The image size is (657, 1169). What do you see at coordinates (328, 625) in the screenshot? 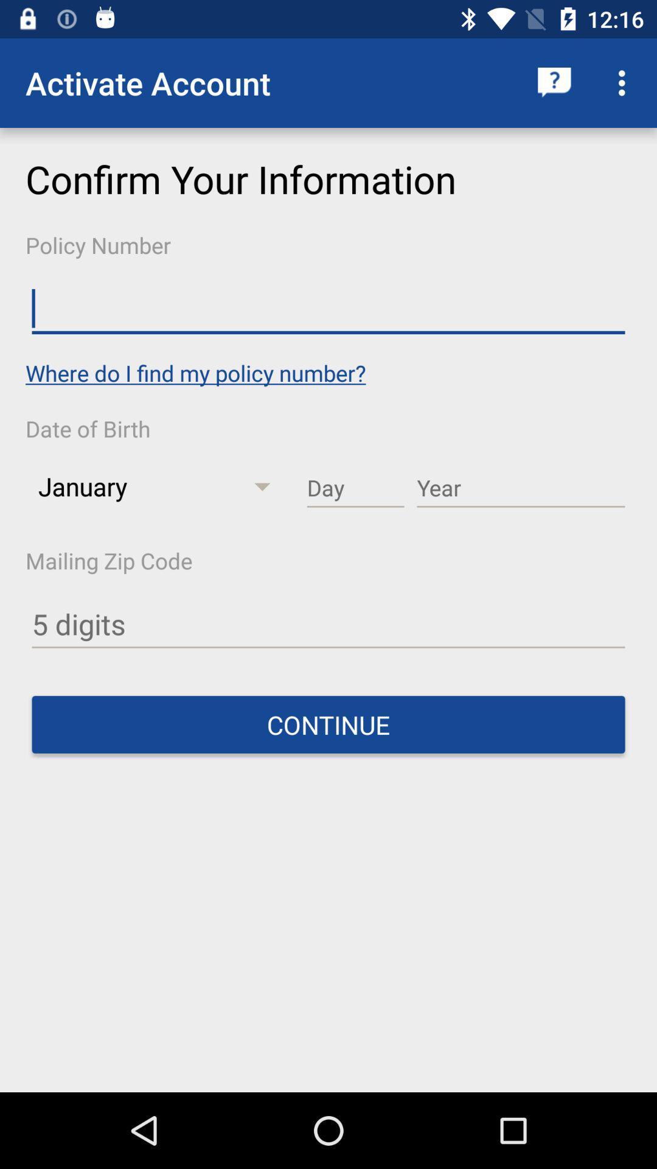
I see `the icon below the mailing zip code` at bounding box center [328, 625].